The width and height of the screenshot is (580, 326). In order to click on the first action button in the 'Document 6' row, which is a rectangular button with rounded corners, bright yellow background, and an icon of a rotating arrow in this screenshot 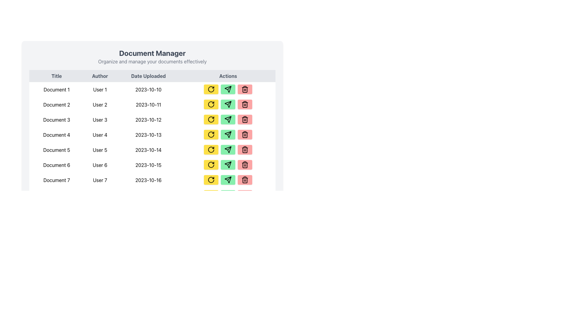, I will do `click(211, 165)`.